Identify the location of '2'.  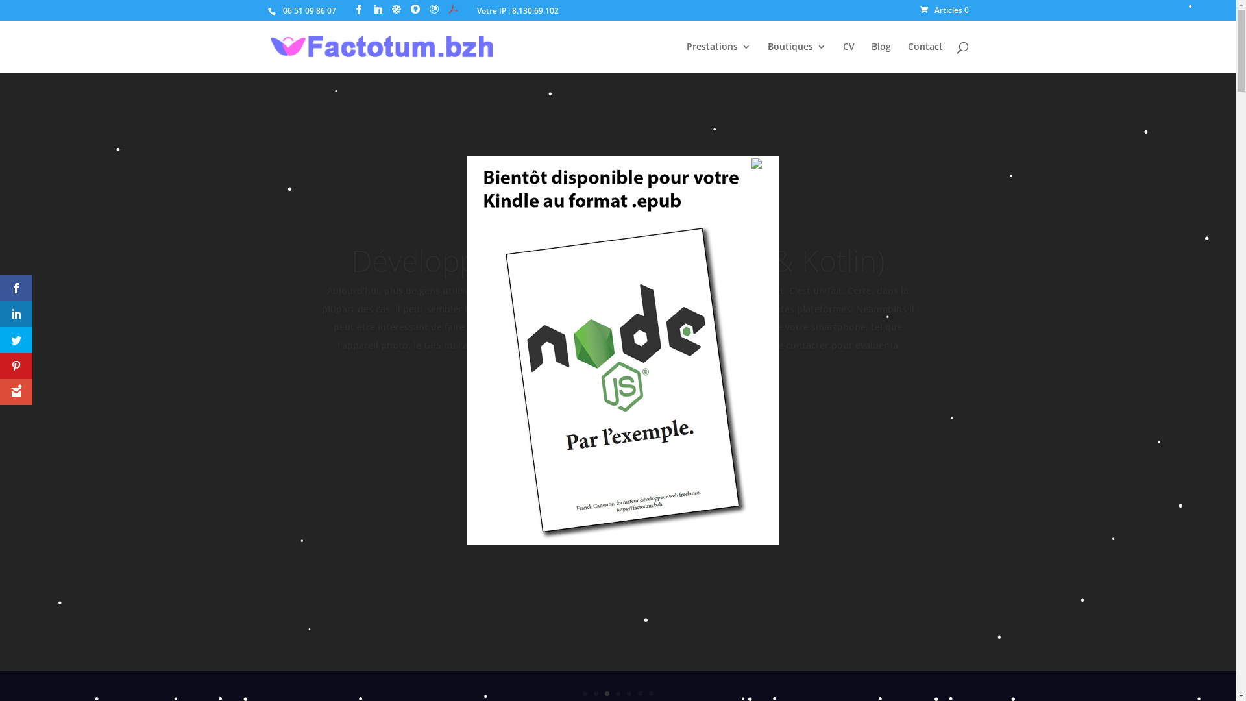
(595, 693).